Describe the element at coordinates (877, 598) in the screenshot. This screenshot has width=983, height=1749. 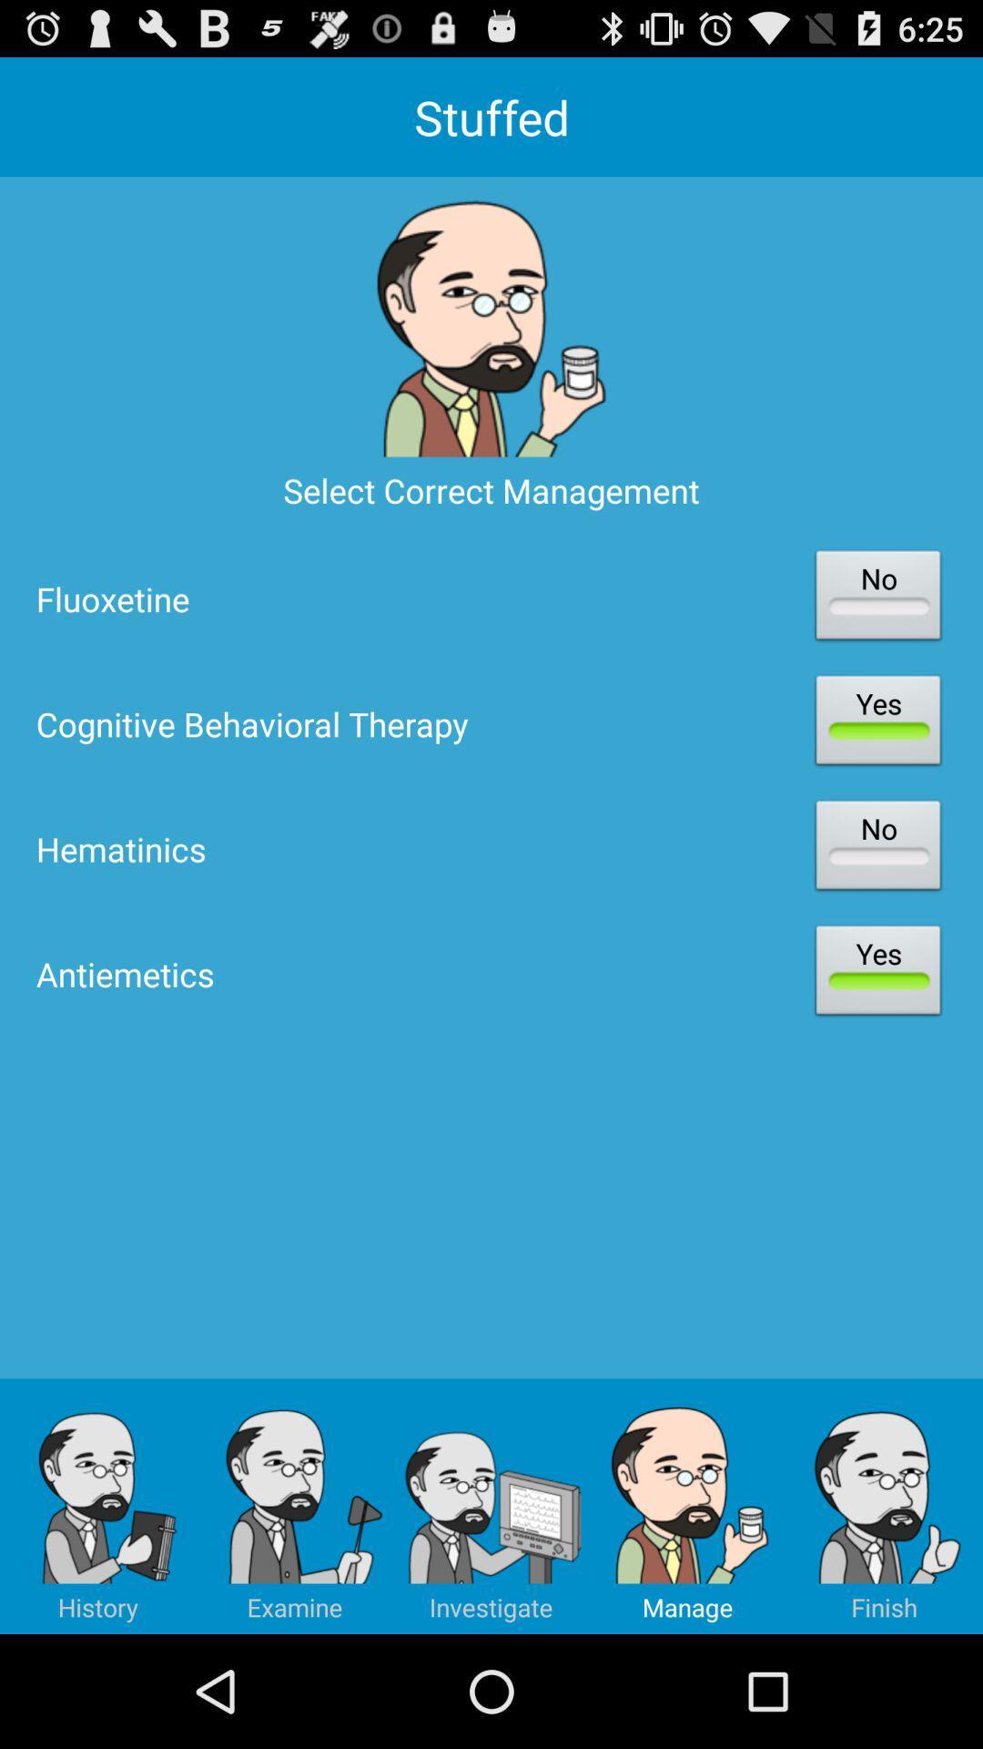
I see `the first button on the right next to the text fluoxetine on the web page` at that location.